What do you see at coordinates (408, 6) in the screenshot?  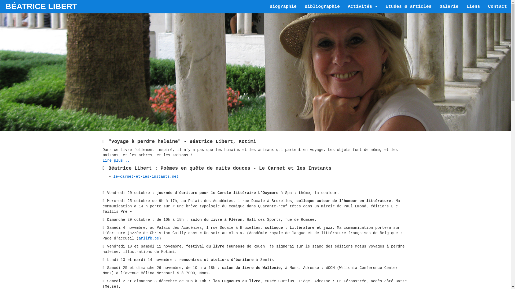 I see `'Etudes & articles'` at bounding box center [408, 6].